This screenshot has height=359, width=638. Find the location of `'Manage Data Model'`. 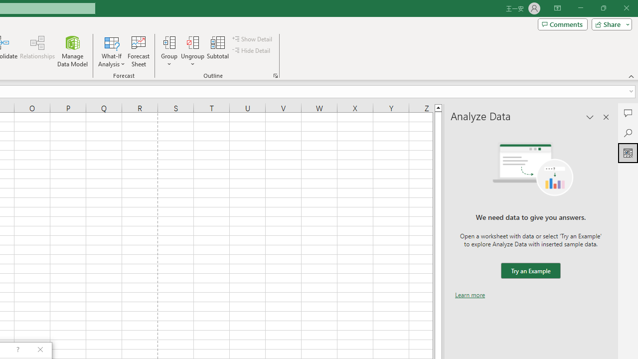

'Manage Data Model' is located at coordinates (72, 51).